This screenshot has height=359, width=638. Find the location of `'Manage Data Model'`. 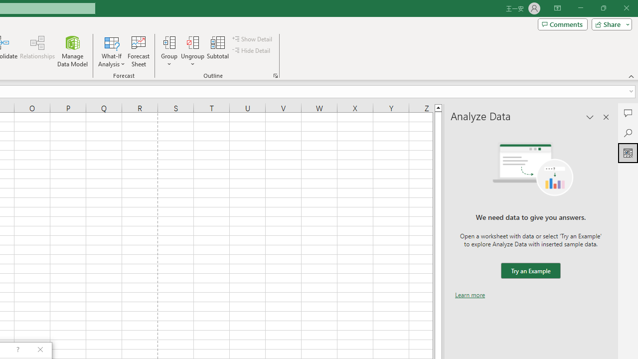

'Manage Data Model' is located at coordinates (72, 51).